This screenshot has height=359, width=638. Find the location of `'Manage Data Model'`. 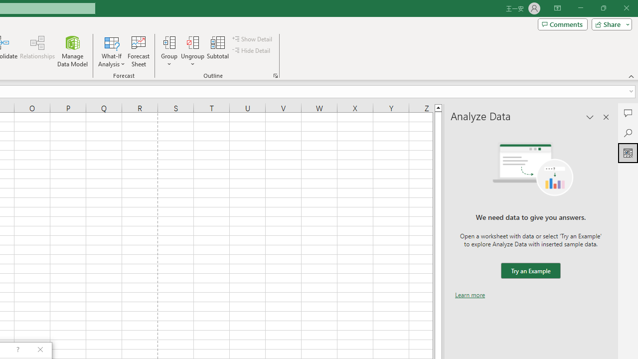

'Manage Data Model' is located at coordinates (72, 51).